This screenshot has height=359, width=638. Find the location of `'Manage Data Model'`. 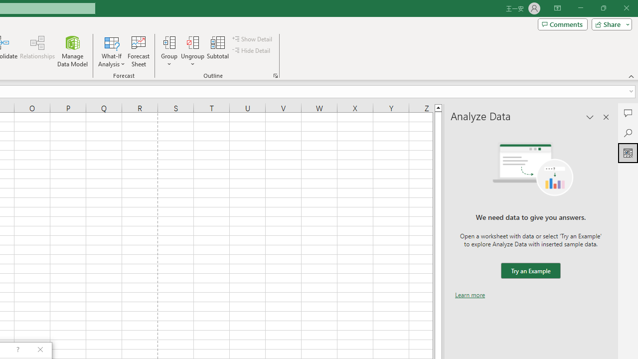

'Manage Data Model' is located at coordinates (72, 51).